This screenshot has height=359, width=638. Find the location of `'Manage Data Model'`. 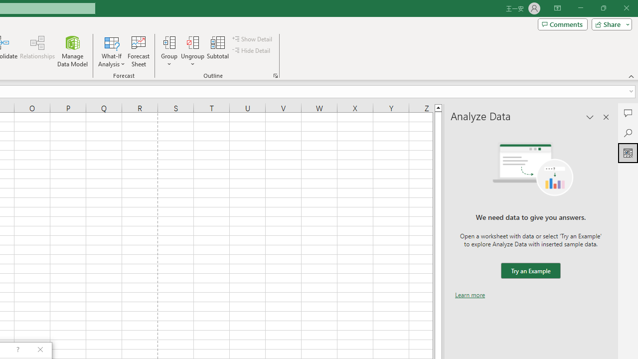

'Manage Data Model' is located at coordinates (72, 51).